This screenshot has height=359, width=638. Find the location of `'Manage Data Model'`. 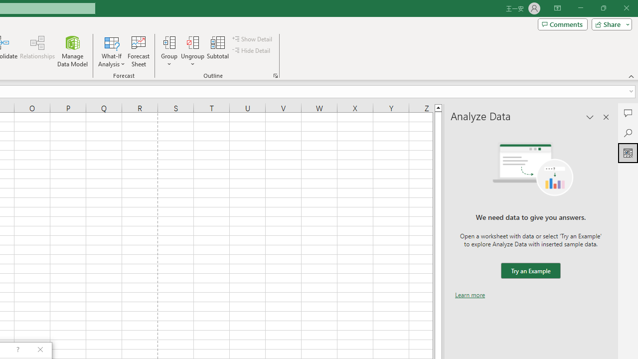

'Manage Data Model' is located at coordinates (72, 51).